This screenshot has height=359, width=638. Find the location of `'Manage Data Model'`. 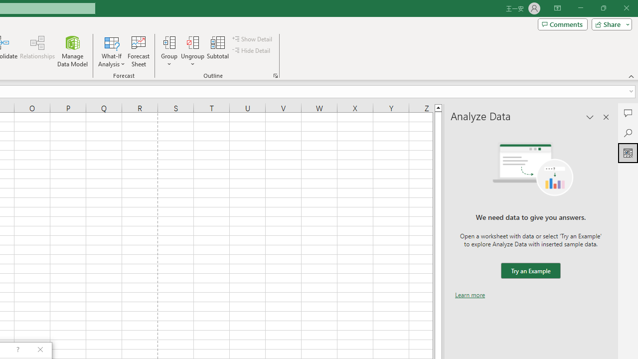

'Manage Data Model' is located at coordinates (72, 51).